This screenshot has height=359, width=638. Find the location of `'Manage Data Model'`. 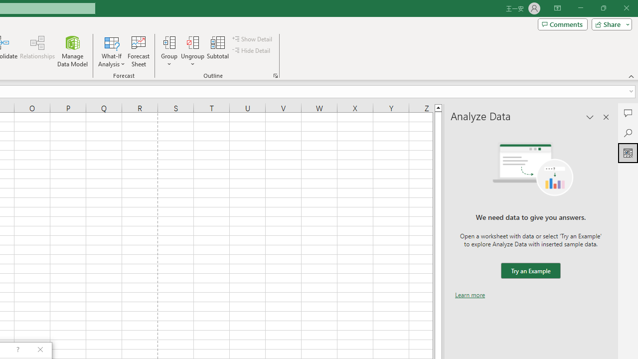

'Manage Data Model' is located at coordinates (72, 51).